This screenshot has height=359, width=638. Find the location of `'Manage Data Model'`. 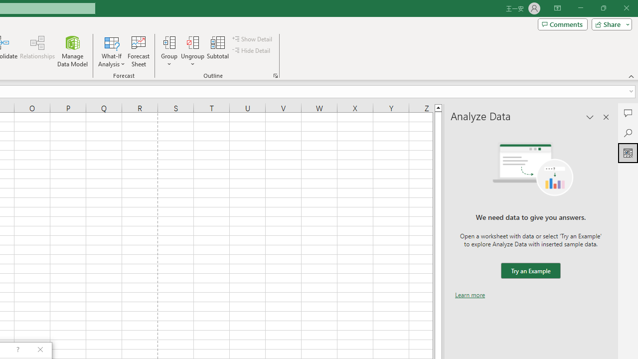

'Manage Data Model' is located at coordinates (72, 51).